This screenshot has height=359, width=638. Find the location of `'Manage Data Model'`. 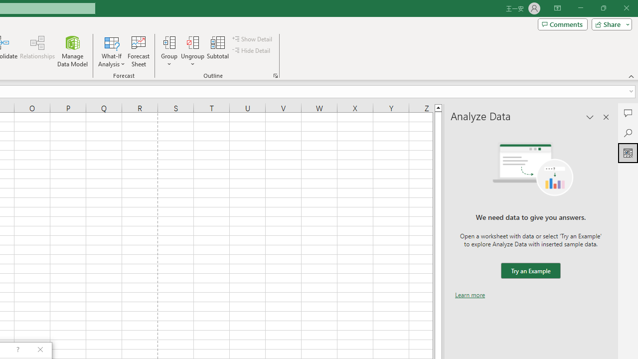

'Manage Data Model' is located at coordinates (72, 51).